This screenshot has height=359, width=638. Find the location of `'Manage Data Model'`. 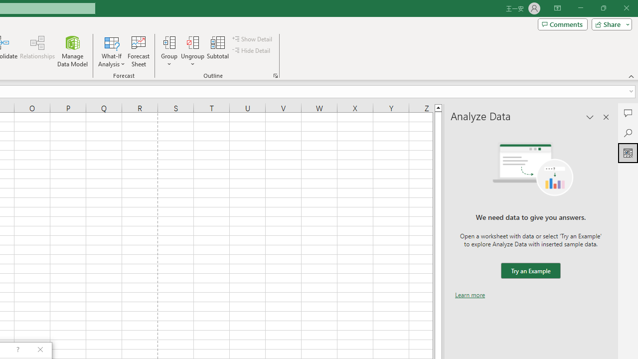

'Manage Data Model' is located at coordinates (72, 51).